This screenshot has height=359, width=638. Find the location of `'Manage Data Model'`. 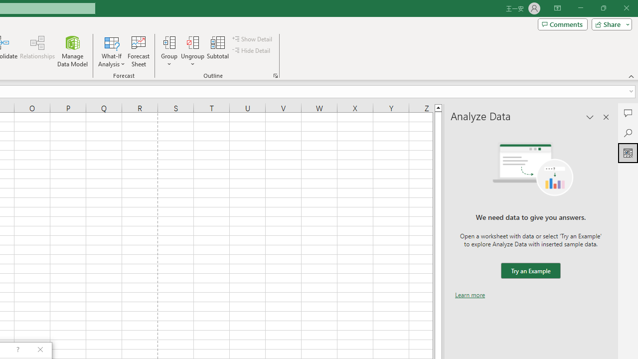

'Manage Data Model' is located at coordinates (72, 51).